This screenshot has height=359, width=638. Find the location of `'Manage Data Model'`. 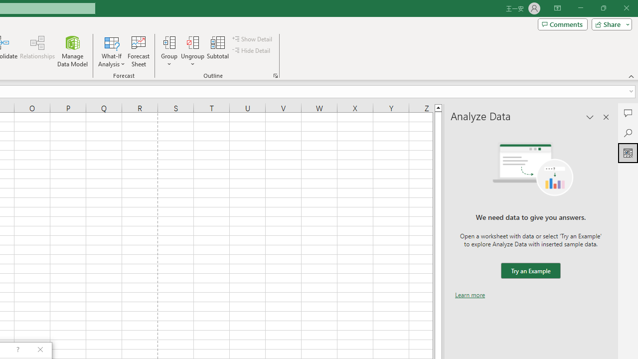

'Manage Data Model' is located at coordinates (72, 51).